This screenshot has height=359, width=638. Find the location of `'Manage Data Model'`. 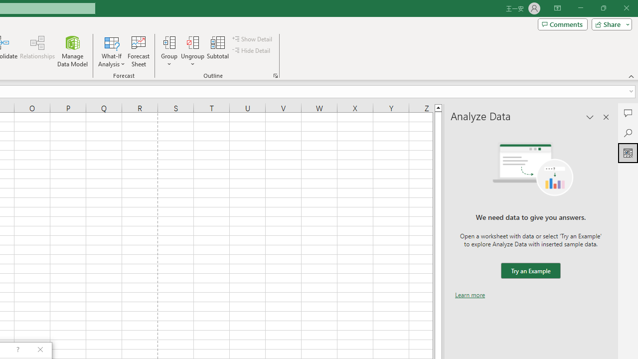

'Manage Data Model' is located at coordinates (72, 51).